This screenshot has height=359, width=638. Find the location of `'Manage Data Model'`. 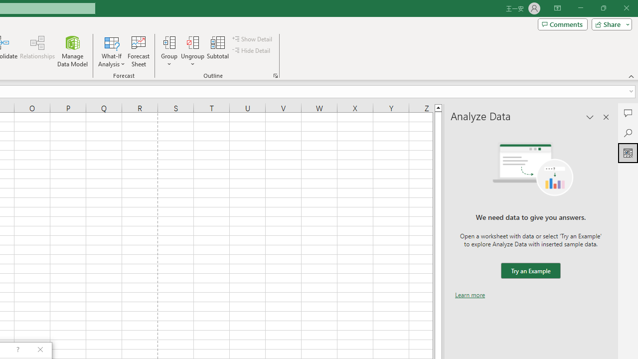

'Manage Data Model' is located at coordinates (72, 51).